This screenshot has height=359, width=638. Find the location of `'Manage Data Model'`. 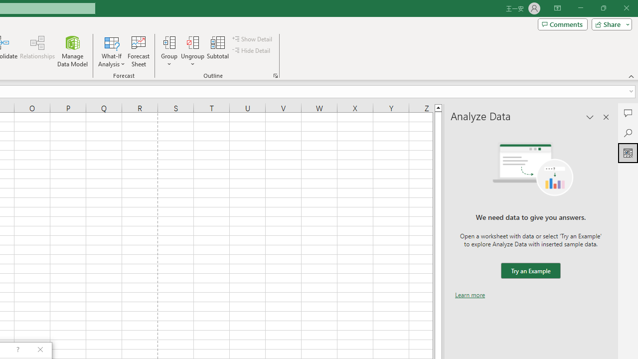

'Manage Data Model' is located at coordinates (72, 51).